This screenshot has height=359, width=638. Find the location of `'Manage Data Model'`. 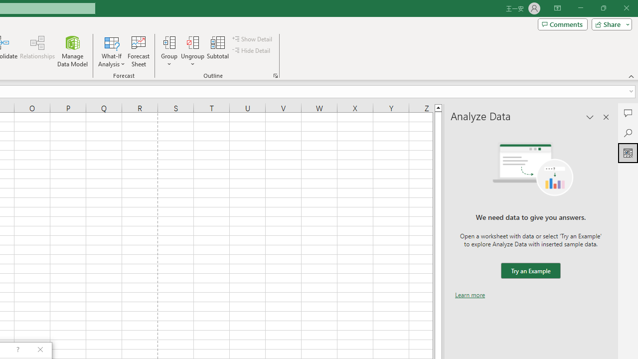

'Manage Data Model' is located at coordinates (72, 51).